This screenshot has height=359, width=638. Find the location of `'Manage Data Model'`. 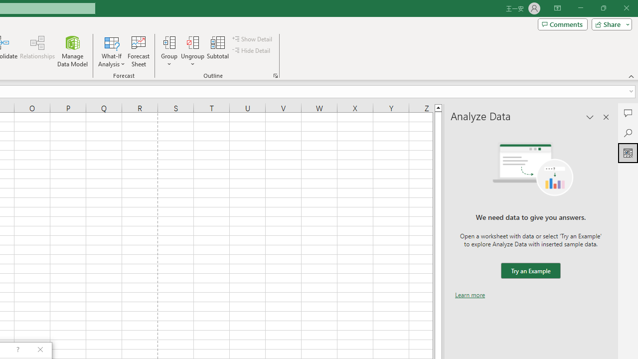

'Manage Data Model' is located at coordinates (72, 51).